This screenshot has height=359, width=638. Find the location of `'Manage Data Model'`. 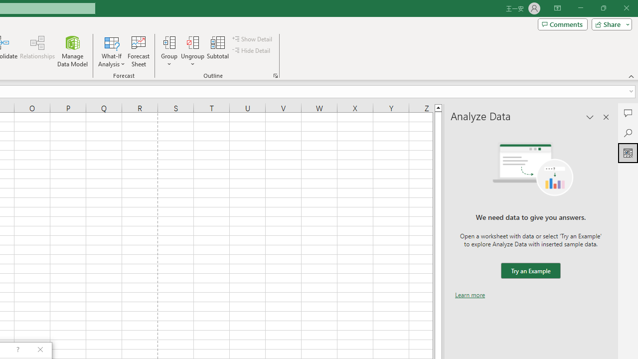

'Manage Data Model' is located at coordinates (72, 51).